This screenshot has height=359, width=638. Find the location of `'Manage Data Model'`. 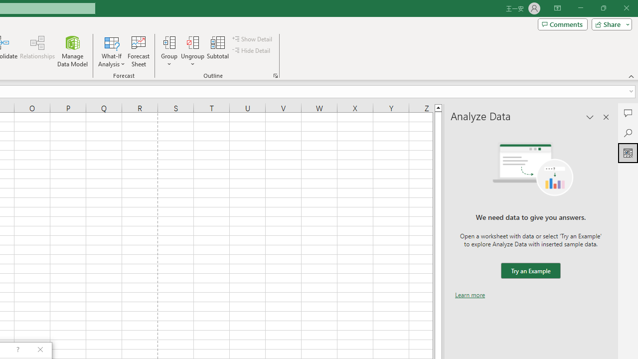

'Manage Data Model' is located at coordinates (72, 51).